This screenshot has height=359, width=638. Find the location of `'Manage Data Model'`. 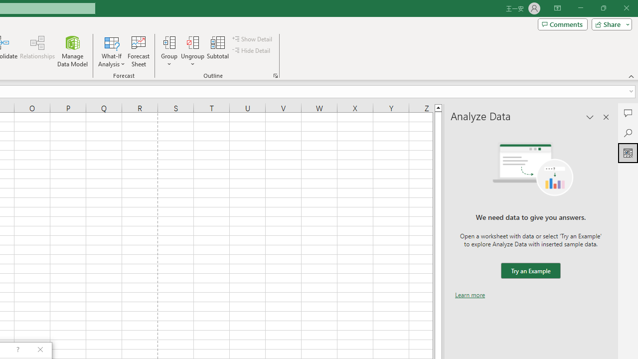

'Manage Data Model' is located at coordinates (72, 51).